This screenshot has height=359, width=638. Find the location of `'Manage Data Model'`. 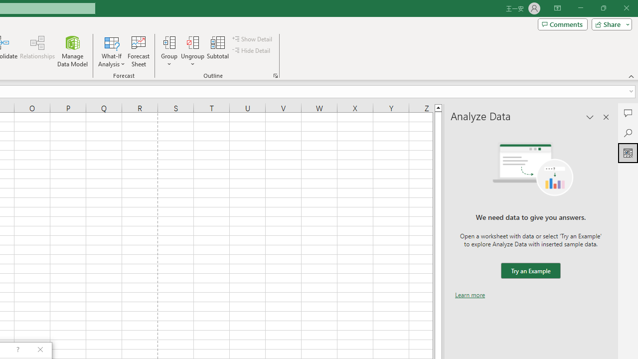

'Manage Data Model' is located at coordinates (72, 51).